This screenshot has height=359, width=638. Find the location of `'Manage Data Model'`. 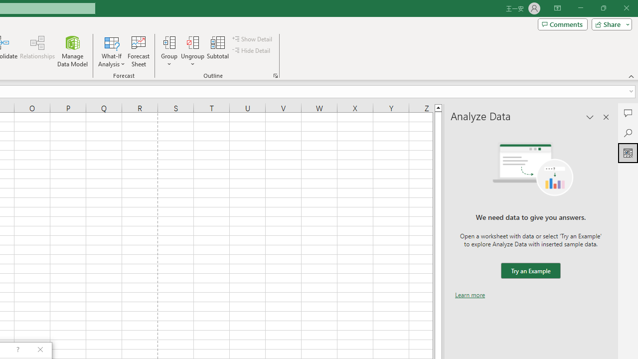

'Manage Data Model' is located at coordinates (72, 51).